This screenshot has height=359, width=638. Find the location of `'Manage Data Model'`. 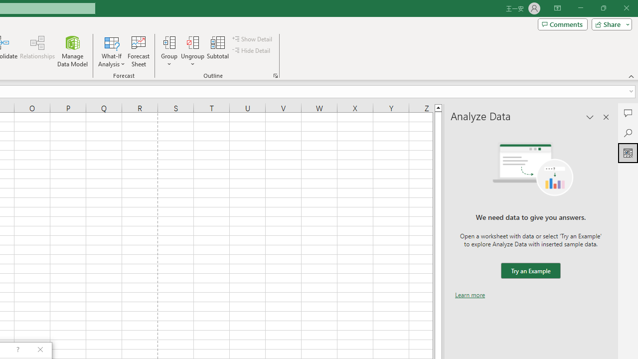

'Manage Data Model' is located at coordinates (72, 51).